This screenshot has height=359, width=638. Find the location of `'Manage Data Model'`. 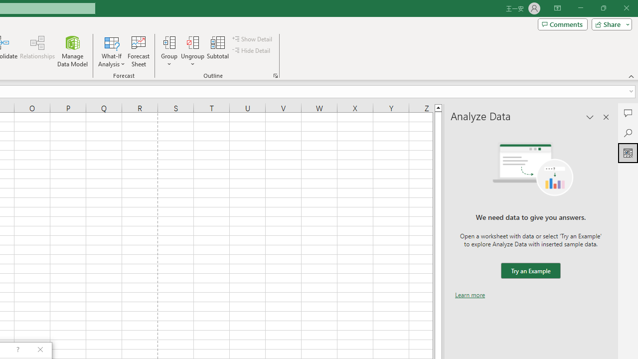

'Manage Data Model' is located at coordinates (72, 51).